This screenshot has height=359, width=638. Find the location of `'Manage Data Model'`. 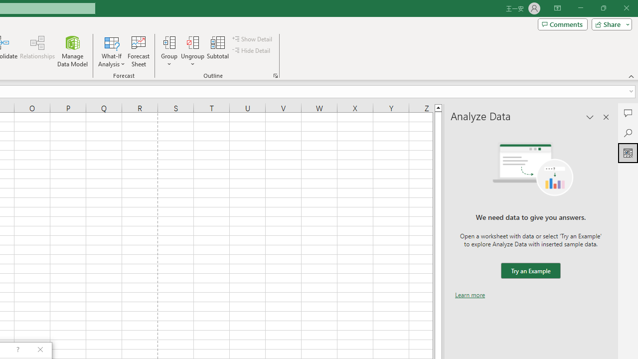

'Manage Data Model' is located at coordinates (72, 51).